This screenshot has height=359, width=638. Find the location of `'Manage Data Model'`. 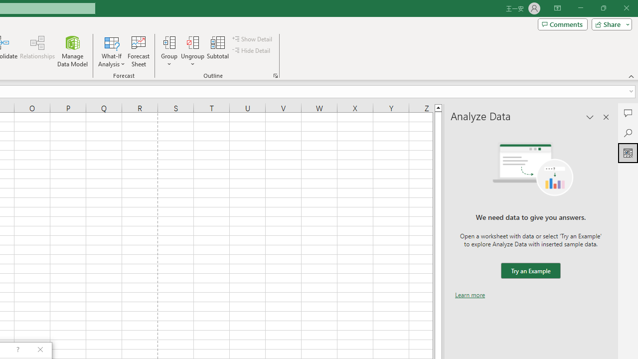

'Manage Data Model' is located at coordinates (72, 51).